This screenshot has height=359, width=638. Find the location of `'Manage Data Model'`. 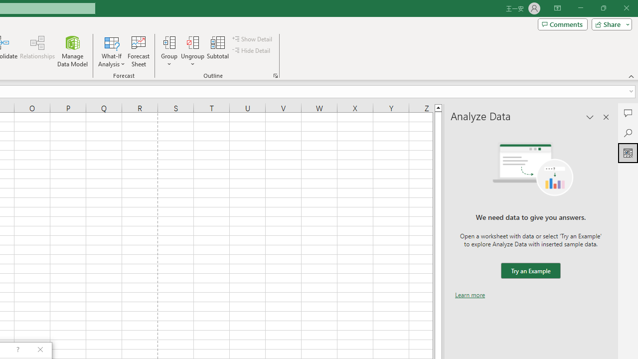

'Manage Data Model' is located at coordinates (72, 51).